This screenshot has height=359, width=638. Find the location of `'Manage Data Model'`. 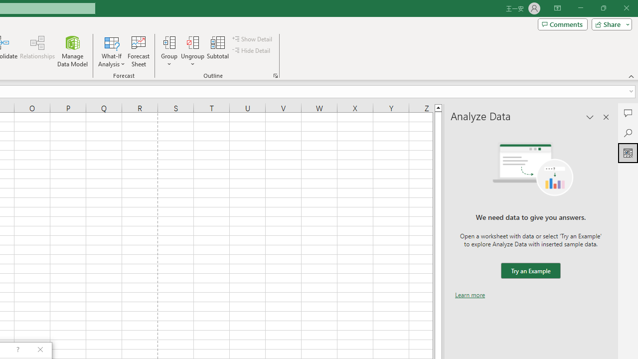

'Manage Data Model' is located at coordinates (72, 51).